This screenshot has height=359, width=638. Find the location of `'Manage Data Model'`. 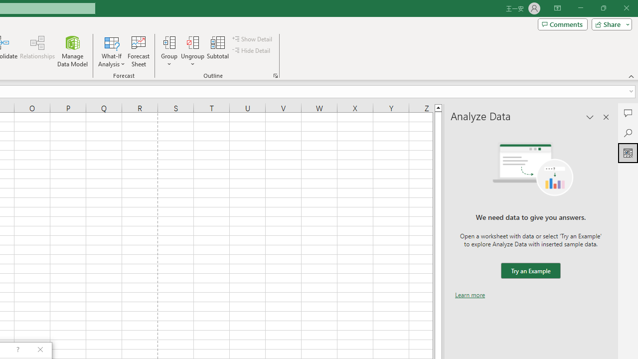

'Manage Data Model' is located at coordinates (72, 51).